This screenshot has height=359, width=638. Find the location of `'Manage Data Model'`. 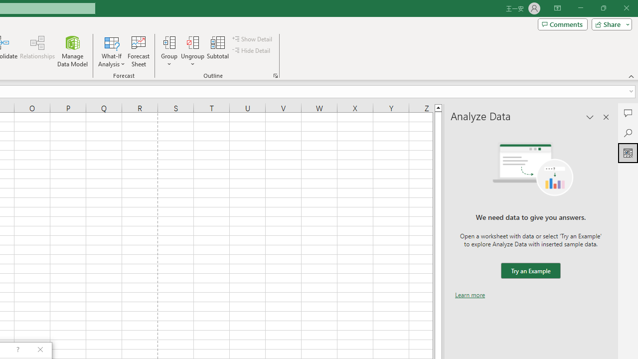

'Manage Data Model' is located at coordinates (72, 51).